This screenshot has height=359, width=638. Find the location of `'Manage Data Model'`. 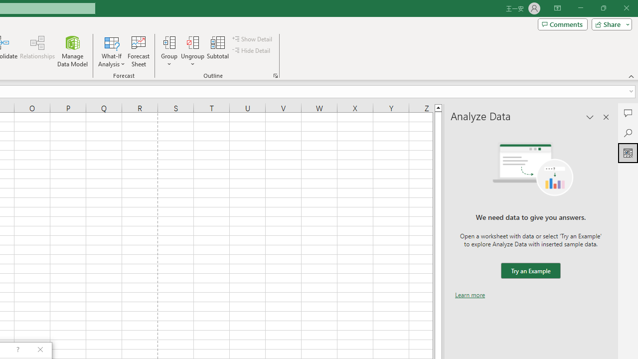

'Manage Data Model' is located at coordinates (72, 51).